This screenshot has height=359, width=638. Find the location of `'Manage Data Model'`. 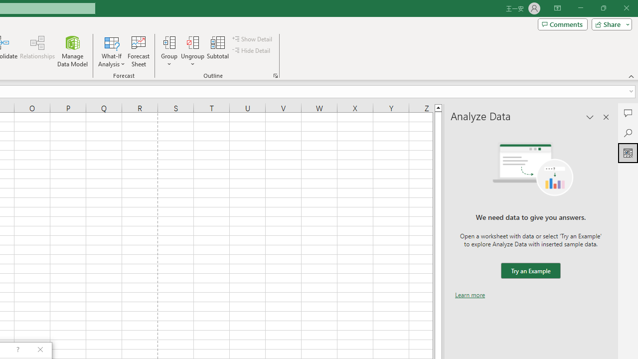

'Manage Data Model' is located at coordinates (72, 51).